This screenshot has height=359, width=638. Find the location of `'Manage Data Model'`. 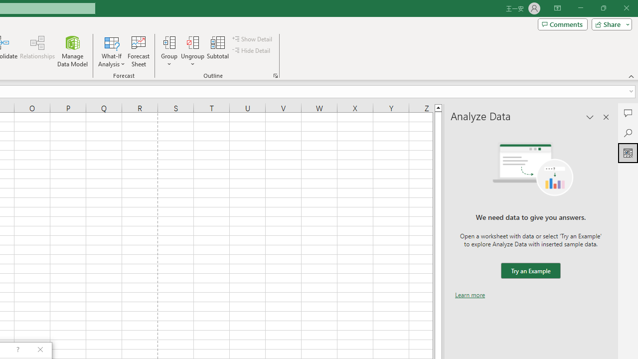

'Manage Data Model' is located at coordinates (72, 51).